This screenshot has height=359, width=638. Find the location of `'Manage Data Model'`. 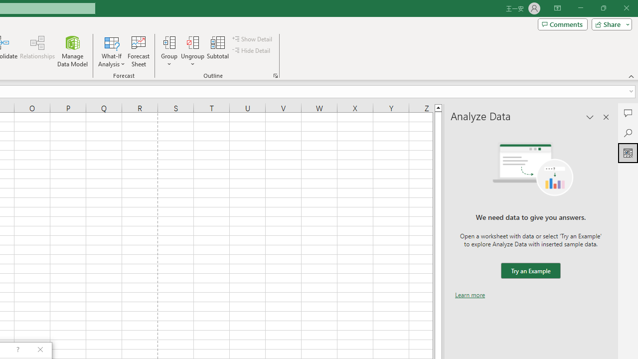

'Manage Data Model' is located at coordinates (72, 51).